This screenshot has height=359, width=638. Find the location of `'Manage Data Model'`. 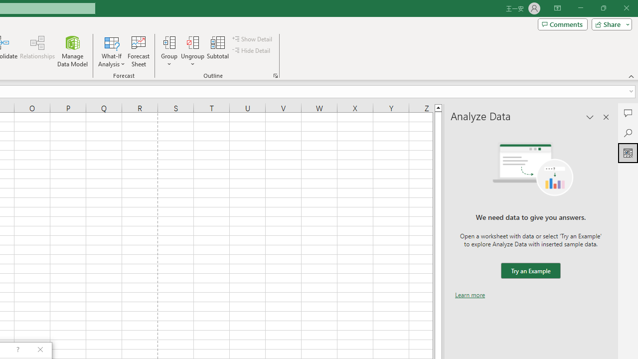

'Manage Data Model' is located at coordinates (72, 51).